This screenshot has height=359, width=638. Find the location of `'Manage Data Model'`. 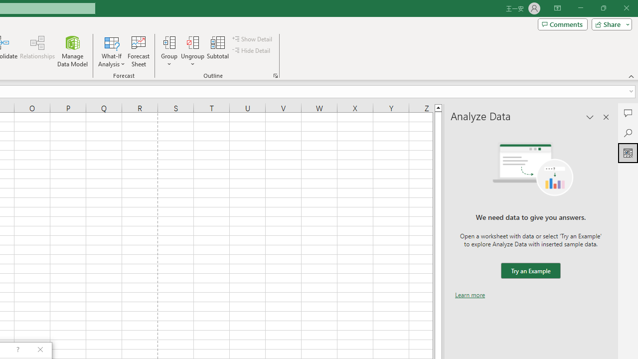

'Manage Data Model' is located at coordinates (72, 51).